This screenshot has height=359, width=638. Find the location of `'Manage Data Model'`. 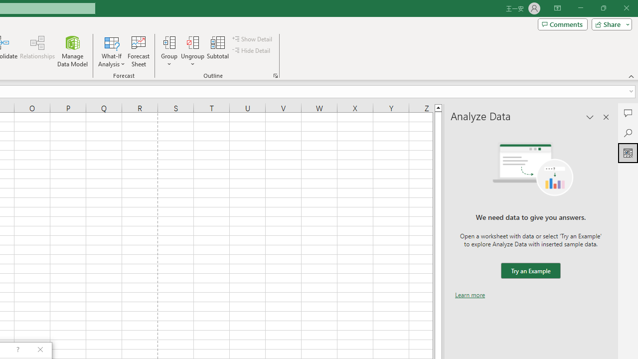

'Manage Data Model' is located at coordinates (72, 51).